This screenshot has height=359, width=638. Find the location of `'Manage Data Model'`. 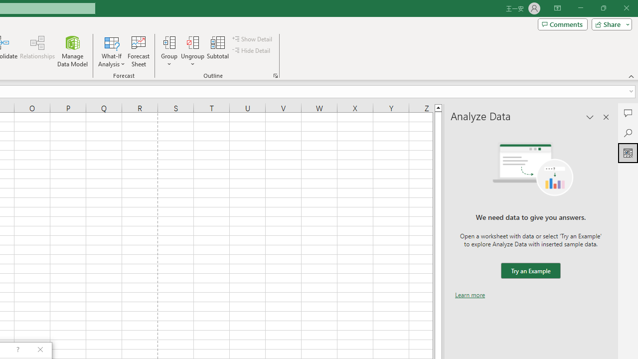

'Manage Data Model' is located at coordinates (72, 51).